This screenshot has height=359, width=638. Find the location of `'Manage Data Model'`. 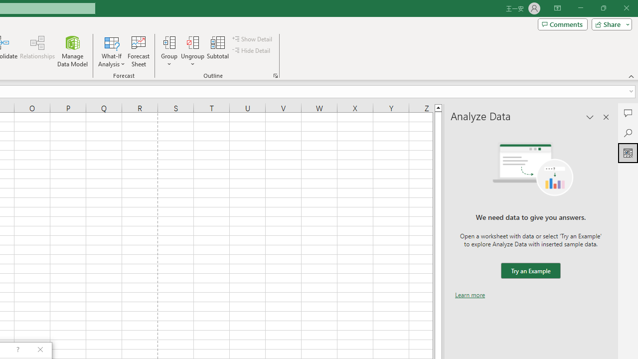

'Manage Data Model' is located at coordinates (72, 51).